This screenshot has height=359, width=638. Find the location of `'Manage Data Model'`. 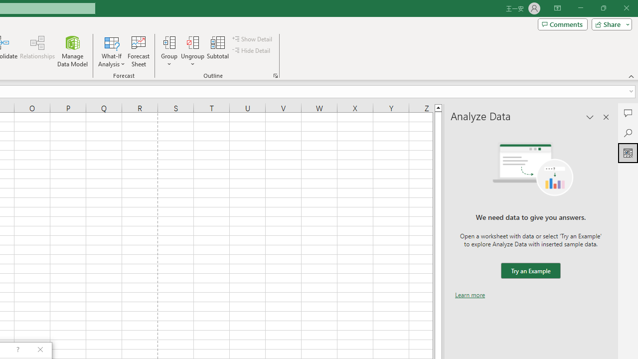

'Manage Data Model' is located at coordinates (72, 51).